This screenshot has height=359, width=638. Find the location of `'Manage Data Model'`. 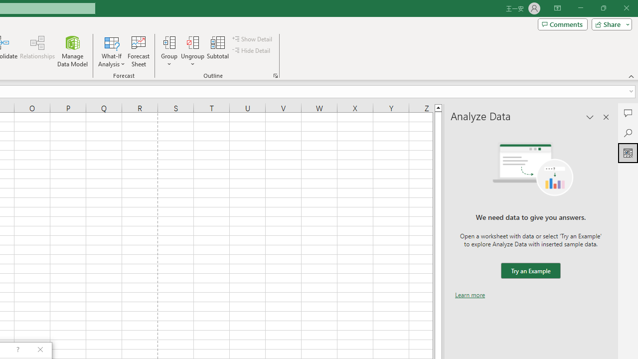

'Manage Data Model' is located at coordinates (72, 51).